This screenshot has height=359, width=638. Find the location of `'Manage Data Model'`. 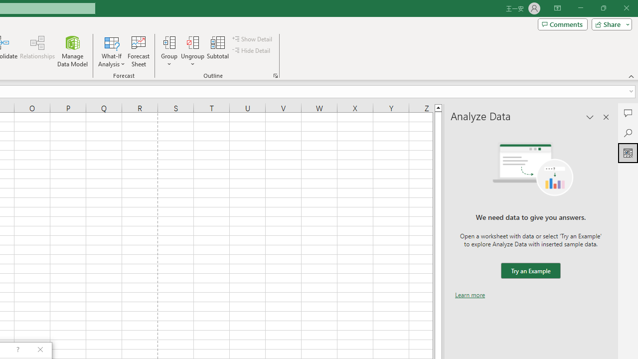

'Manage Data Model' is located at coordinates (72, 51).